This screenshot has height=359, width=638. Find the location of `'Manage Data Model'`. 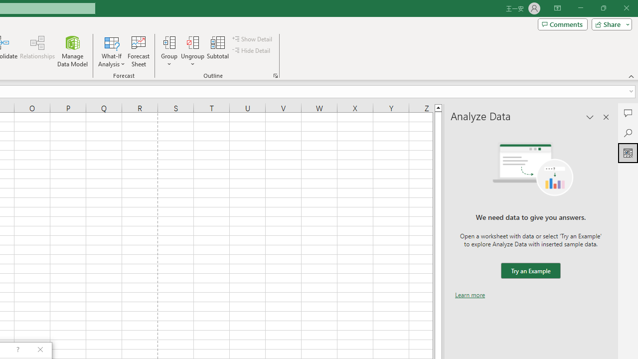

'Manage Data Model' is located at coordinates (72, 51).